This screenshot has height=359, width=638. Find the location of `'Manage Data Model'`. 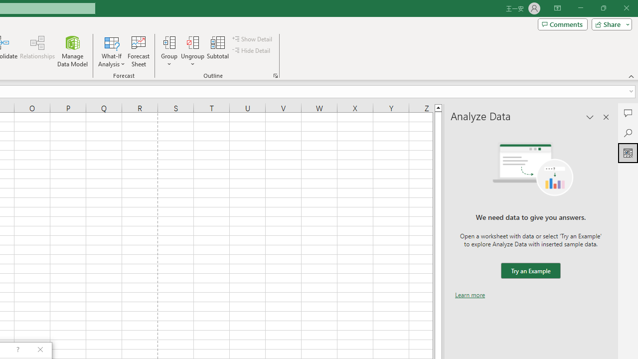

'Manage Data Model' is located at coordinates (72, 51).